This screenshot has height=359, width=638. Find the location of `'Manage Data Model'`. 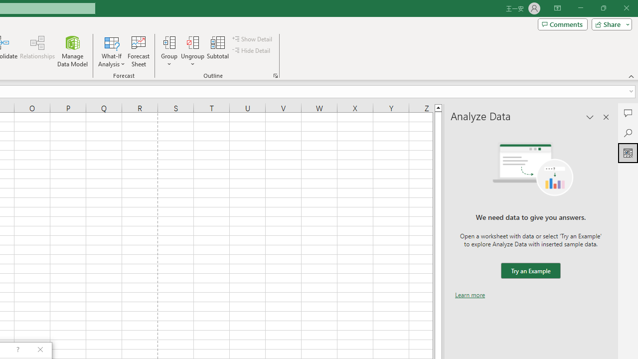

'Manage Data Model' is located at coordinates (72, 51).